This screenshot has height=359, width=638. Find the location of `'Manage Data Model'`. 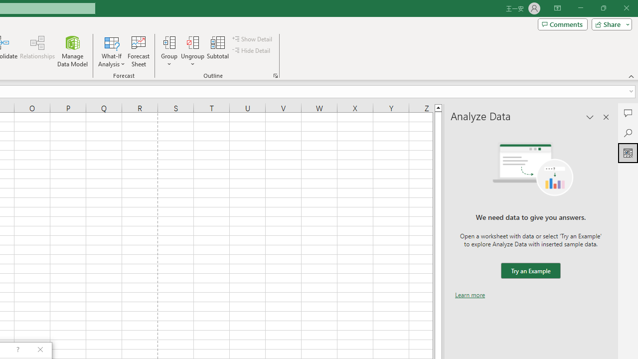

'Manage Data Model' is located at coordinates (72, 51).